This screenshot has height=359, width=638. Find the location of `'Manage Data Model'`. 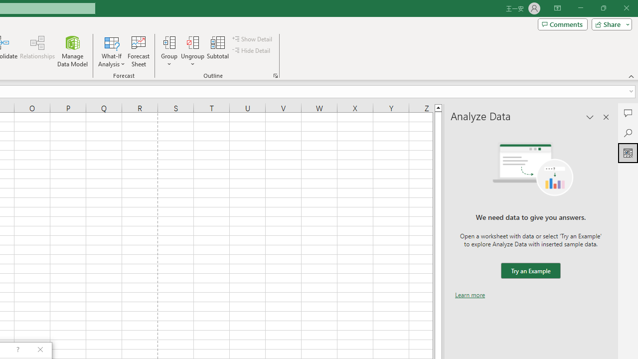

'Manage Data Model' is located at coordinates (72, 51).